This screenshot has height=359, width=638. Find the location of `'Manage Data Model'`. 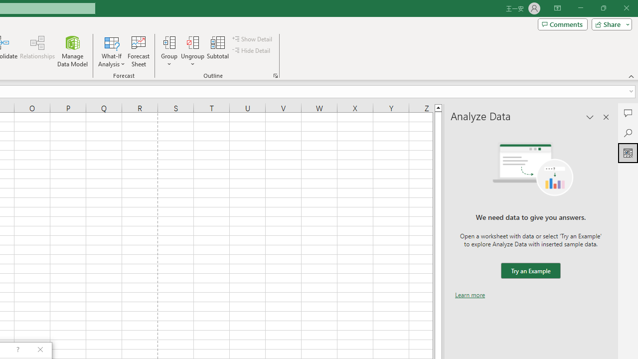

'Manage Data Model' is located at coordinates (72, 51).